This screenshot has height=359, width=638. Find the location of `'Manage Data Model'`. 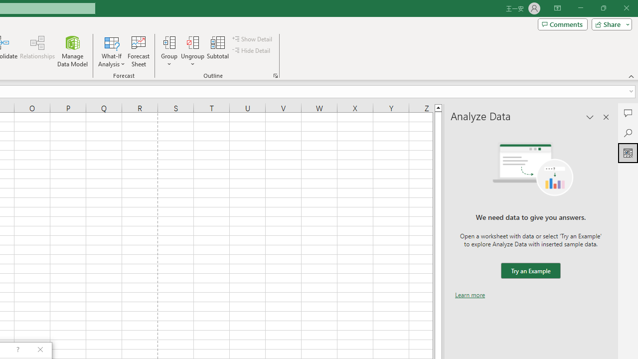

'Manage Data Model' is located at coordinates (72, 51).